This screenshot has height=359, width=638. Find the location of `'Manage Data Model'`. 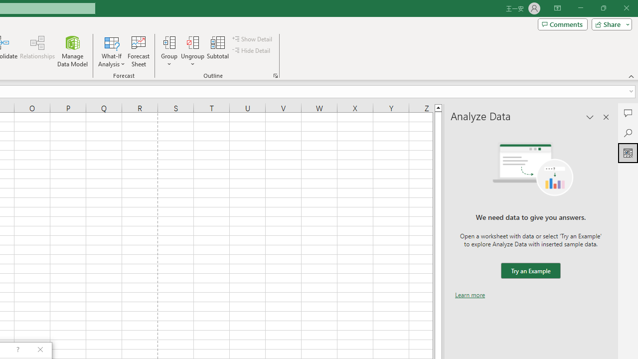

'Manage Data Model' is located at coordinates (72, 51).